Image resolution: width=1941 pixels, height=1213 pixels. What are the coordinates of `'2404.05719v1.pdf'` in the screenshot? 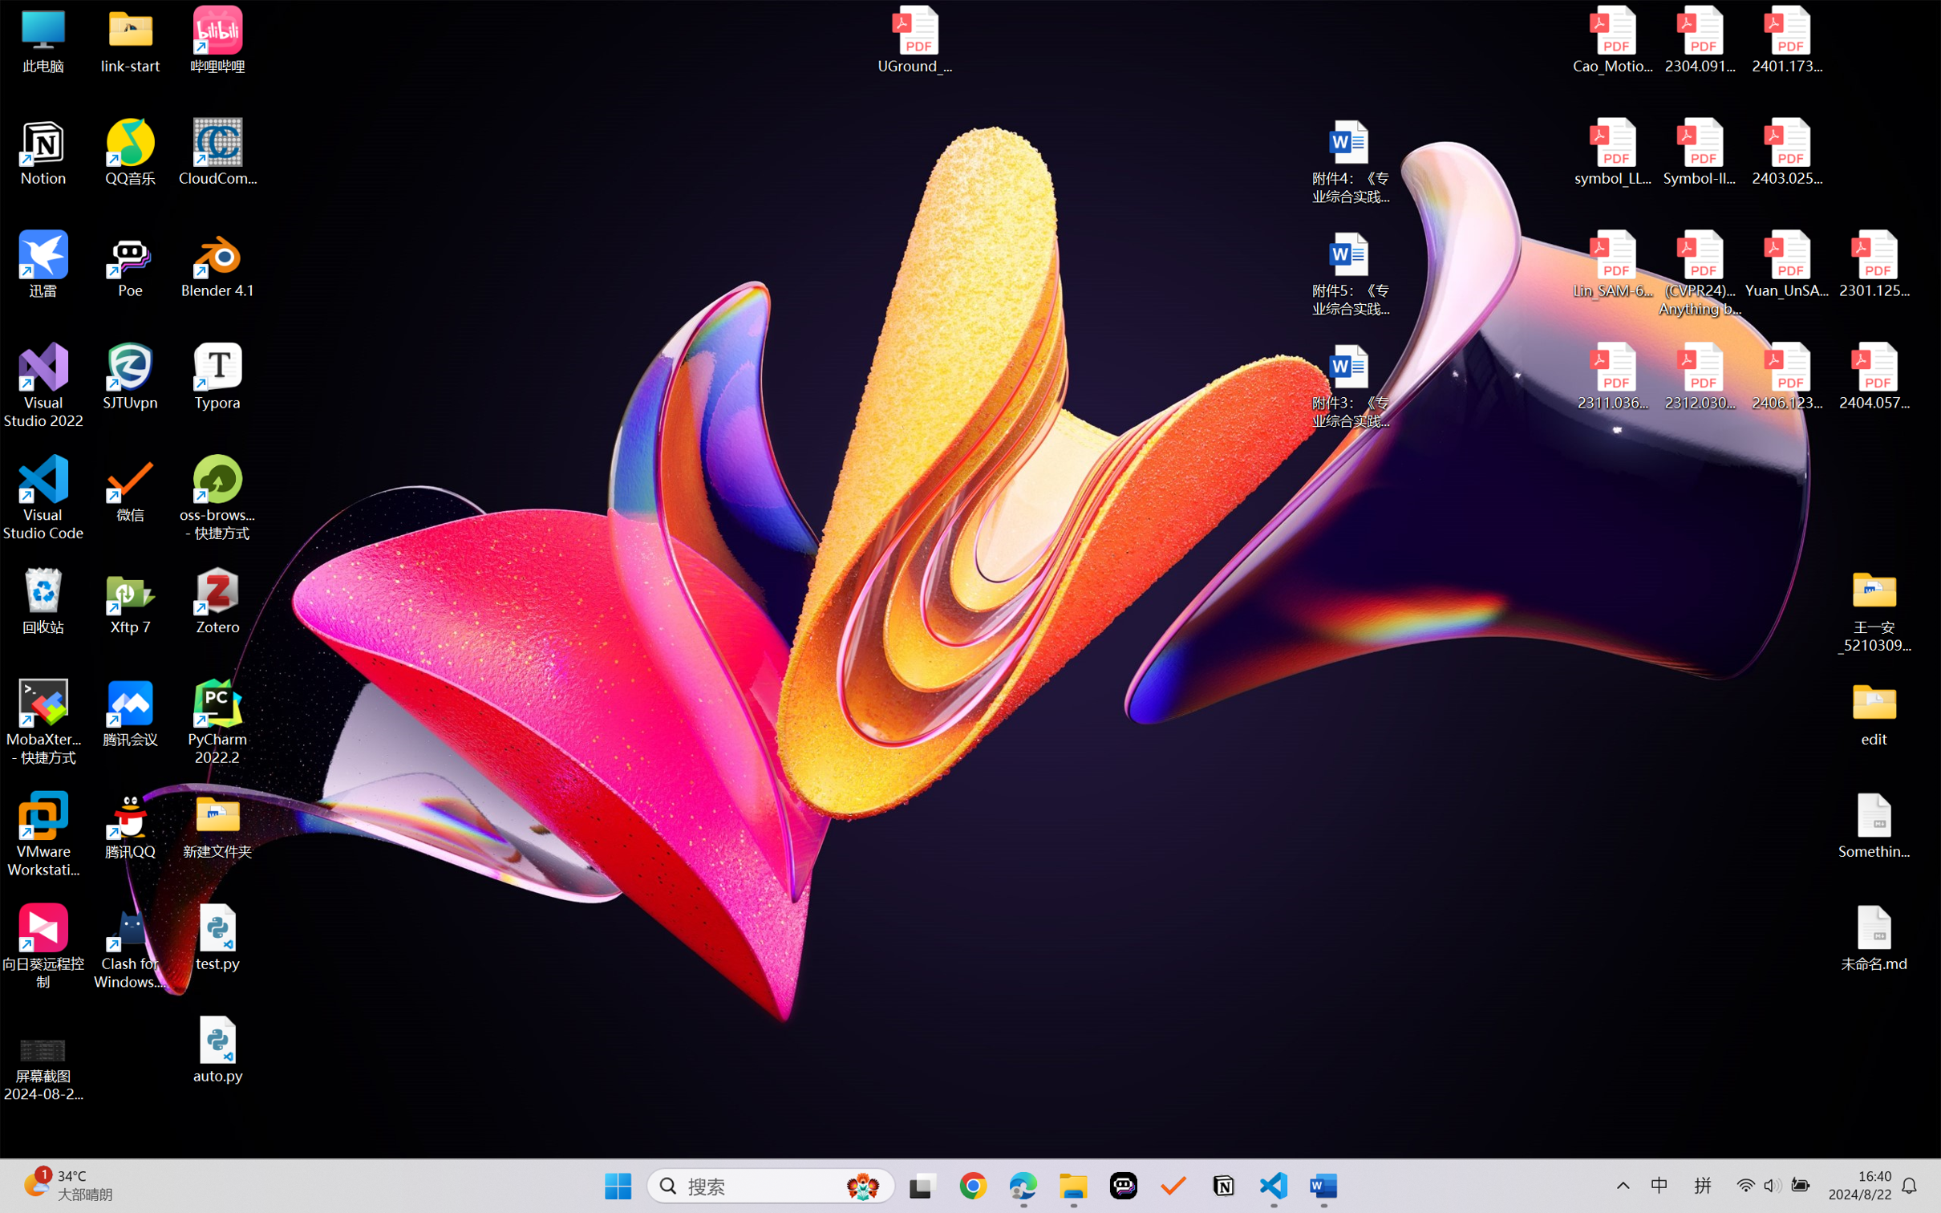 It's located at (1873, 376).